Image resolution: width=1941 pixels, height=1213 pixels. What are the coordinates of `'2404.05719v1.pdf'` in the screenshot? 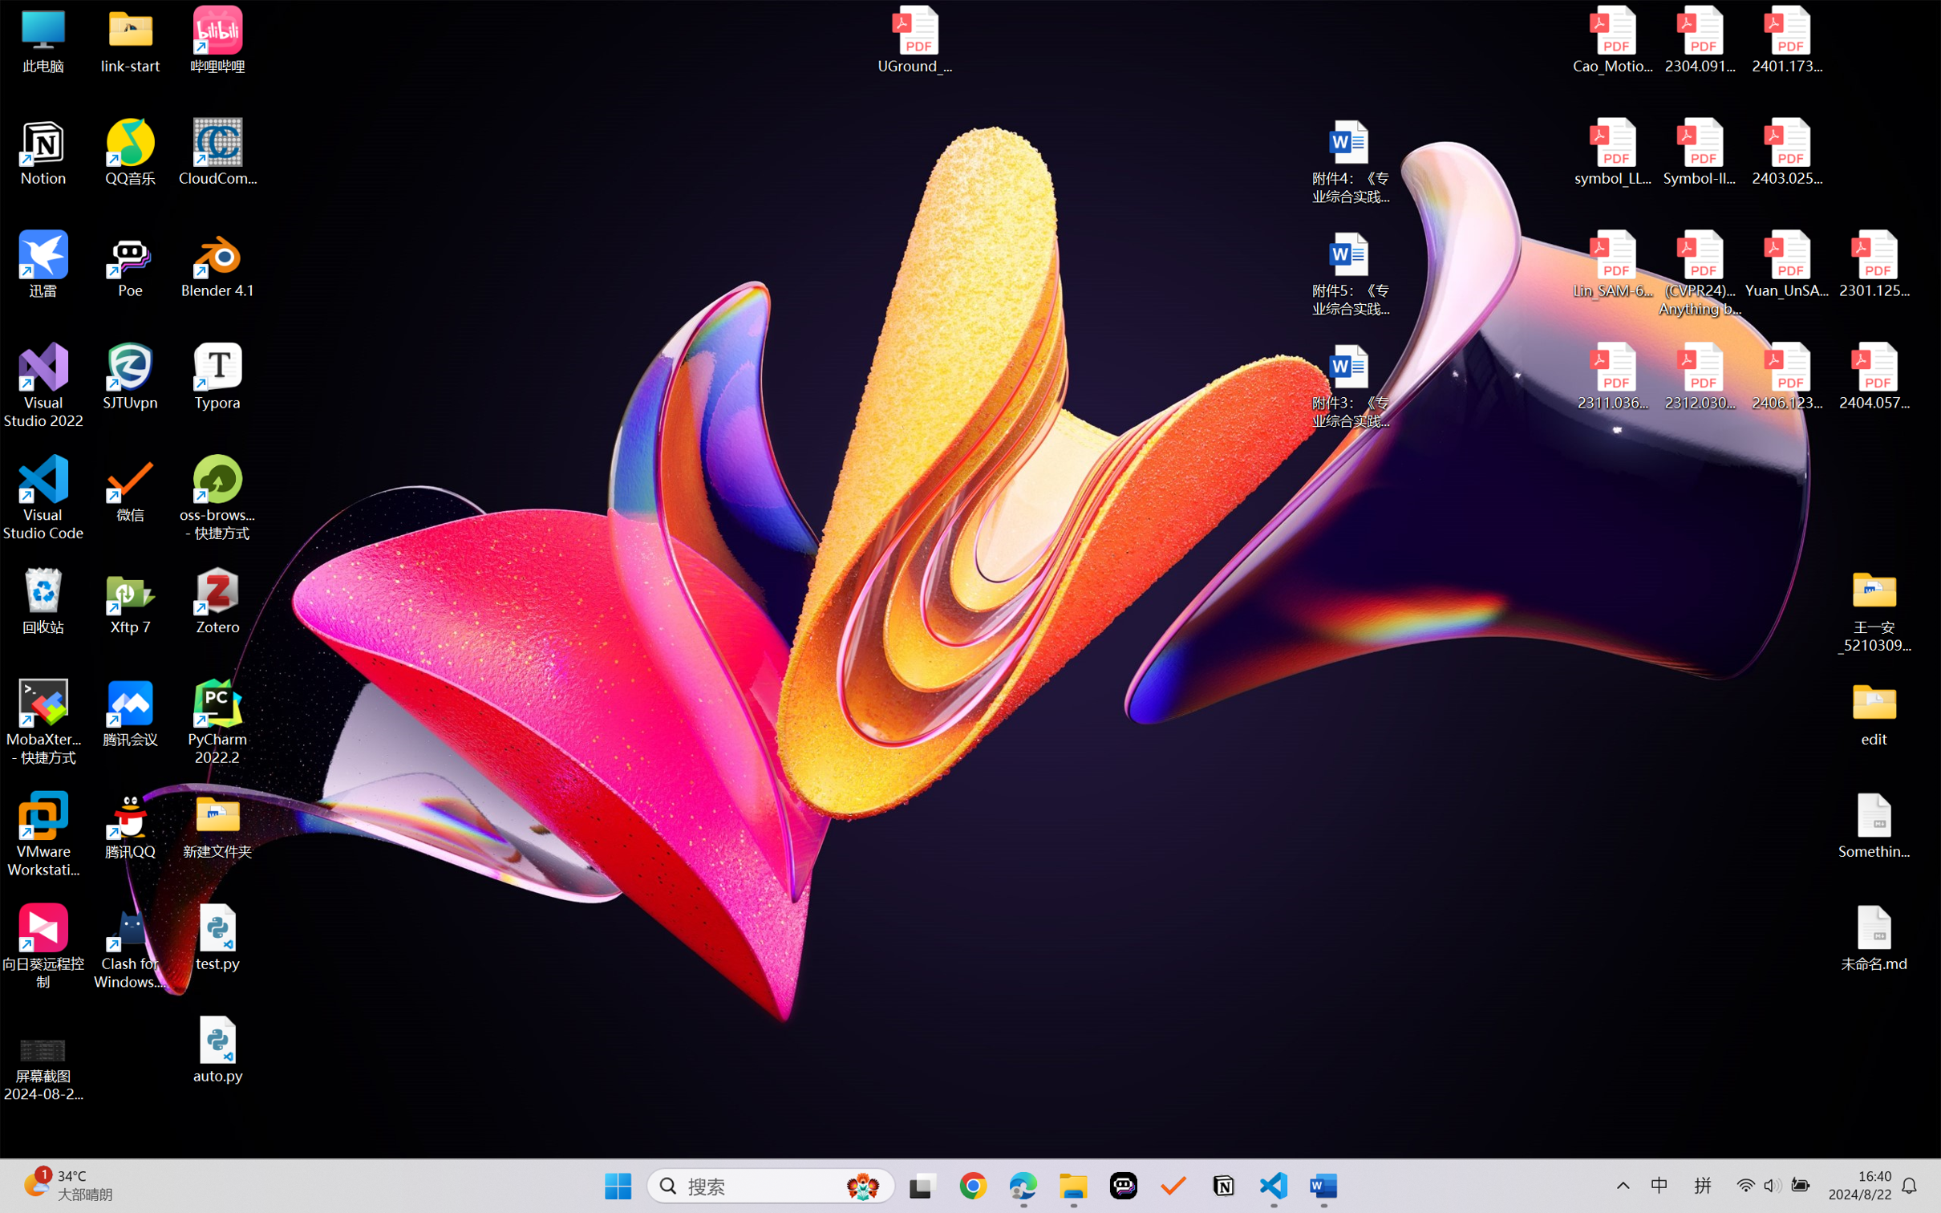 It's located at (1873, 376).